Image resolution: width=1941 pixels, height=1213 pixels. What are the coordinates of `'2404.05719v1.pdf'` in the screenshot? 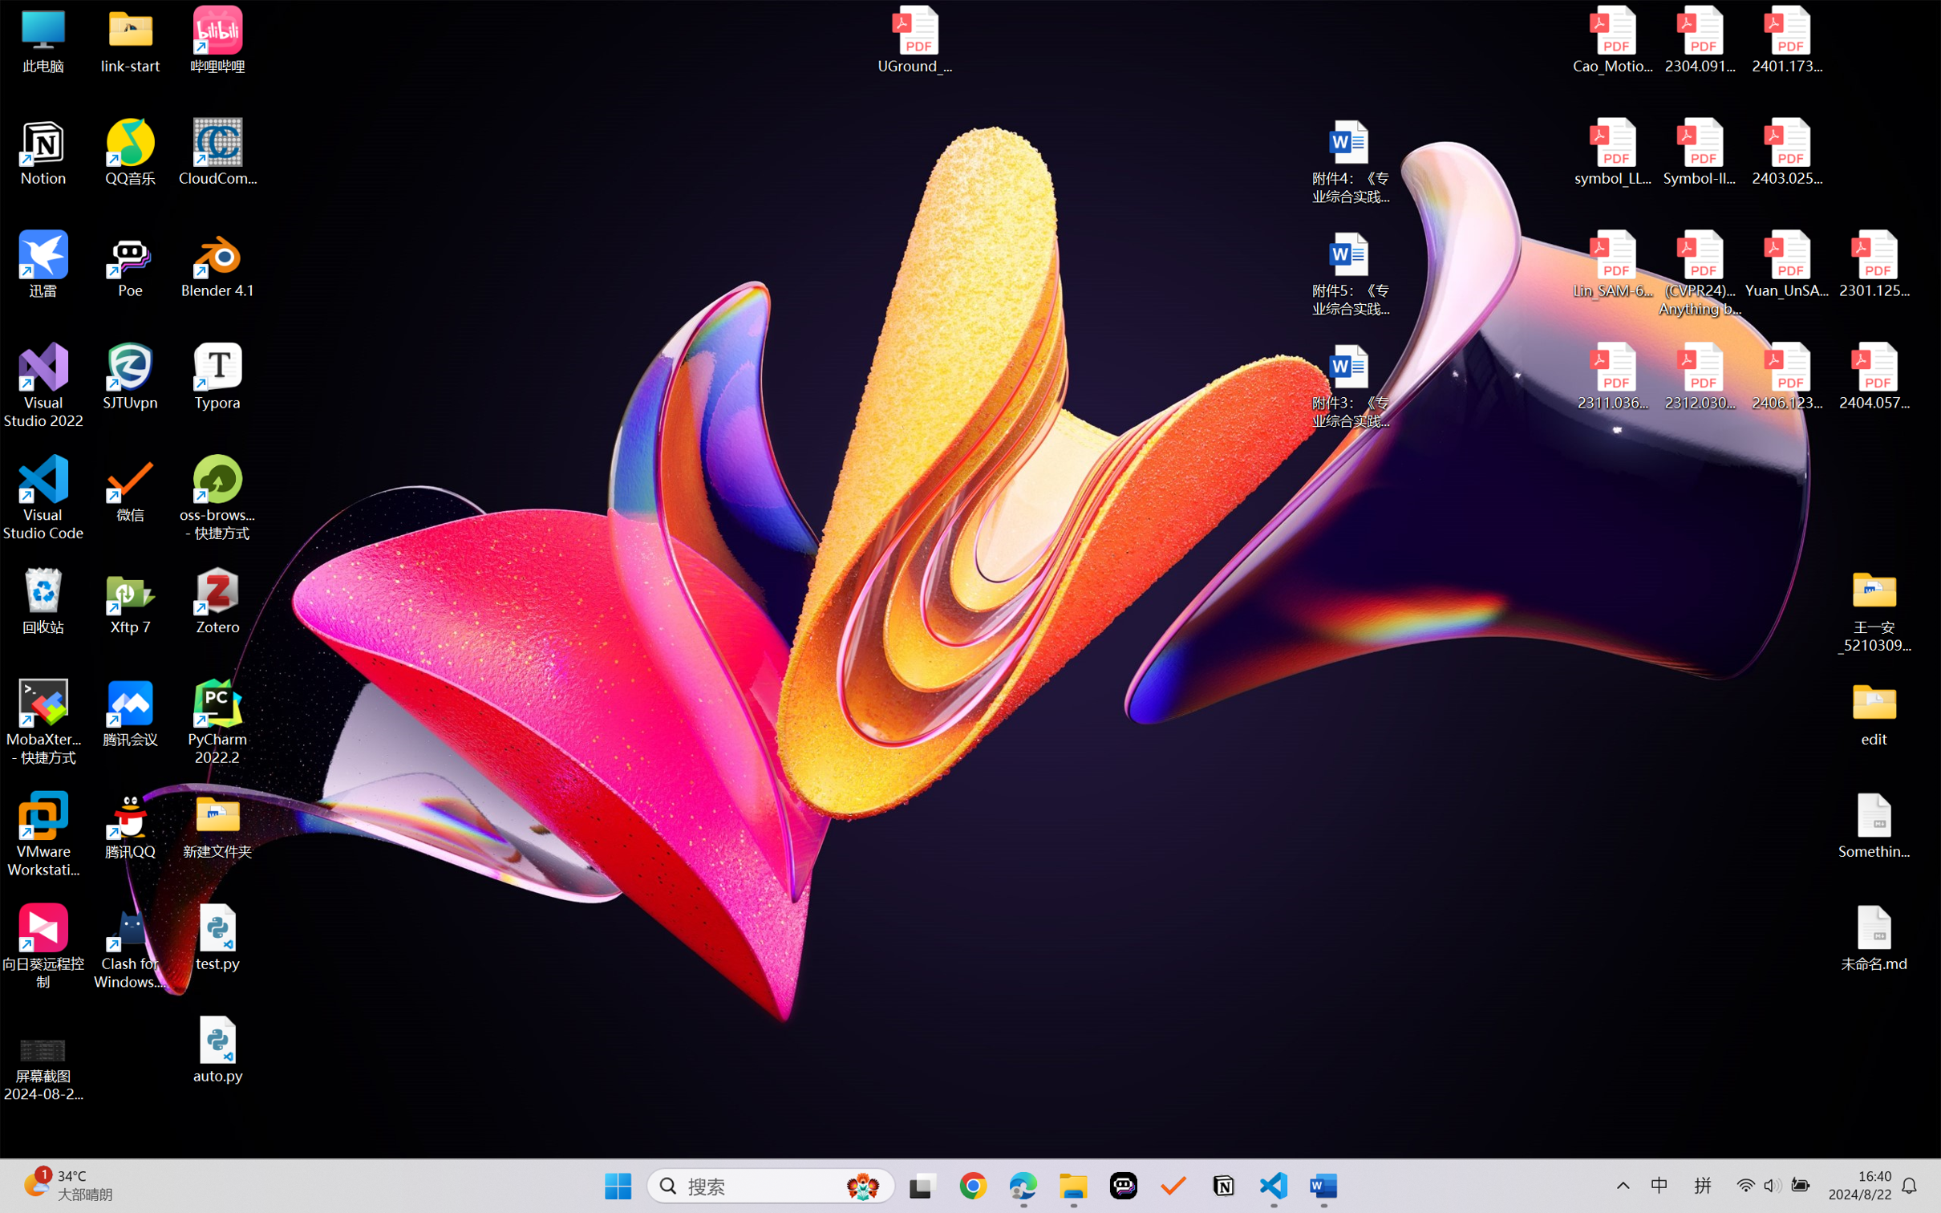 It's located at (1873, 376).